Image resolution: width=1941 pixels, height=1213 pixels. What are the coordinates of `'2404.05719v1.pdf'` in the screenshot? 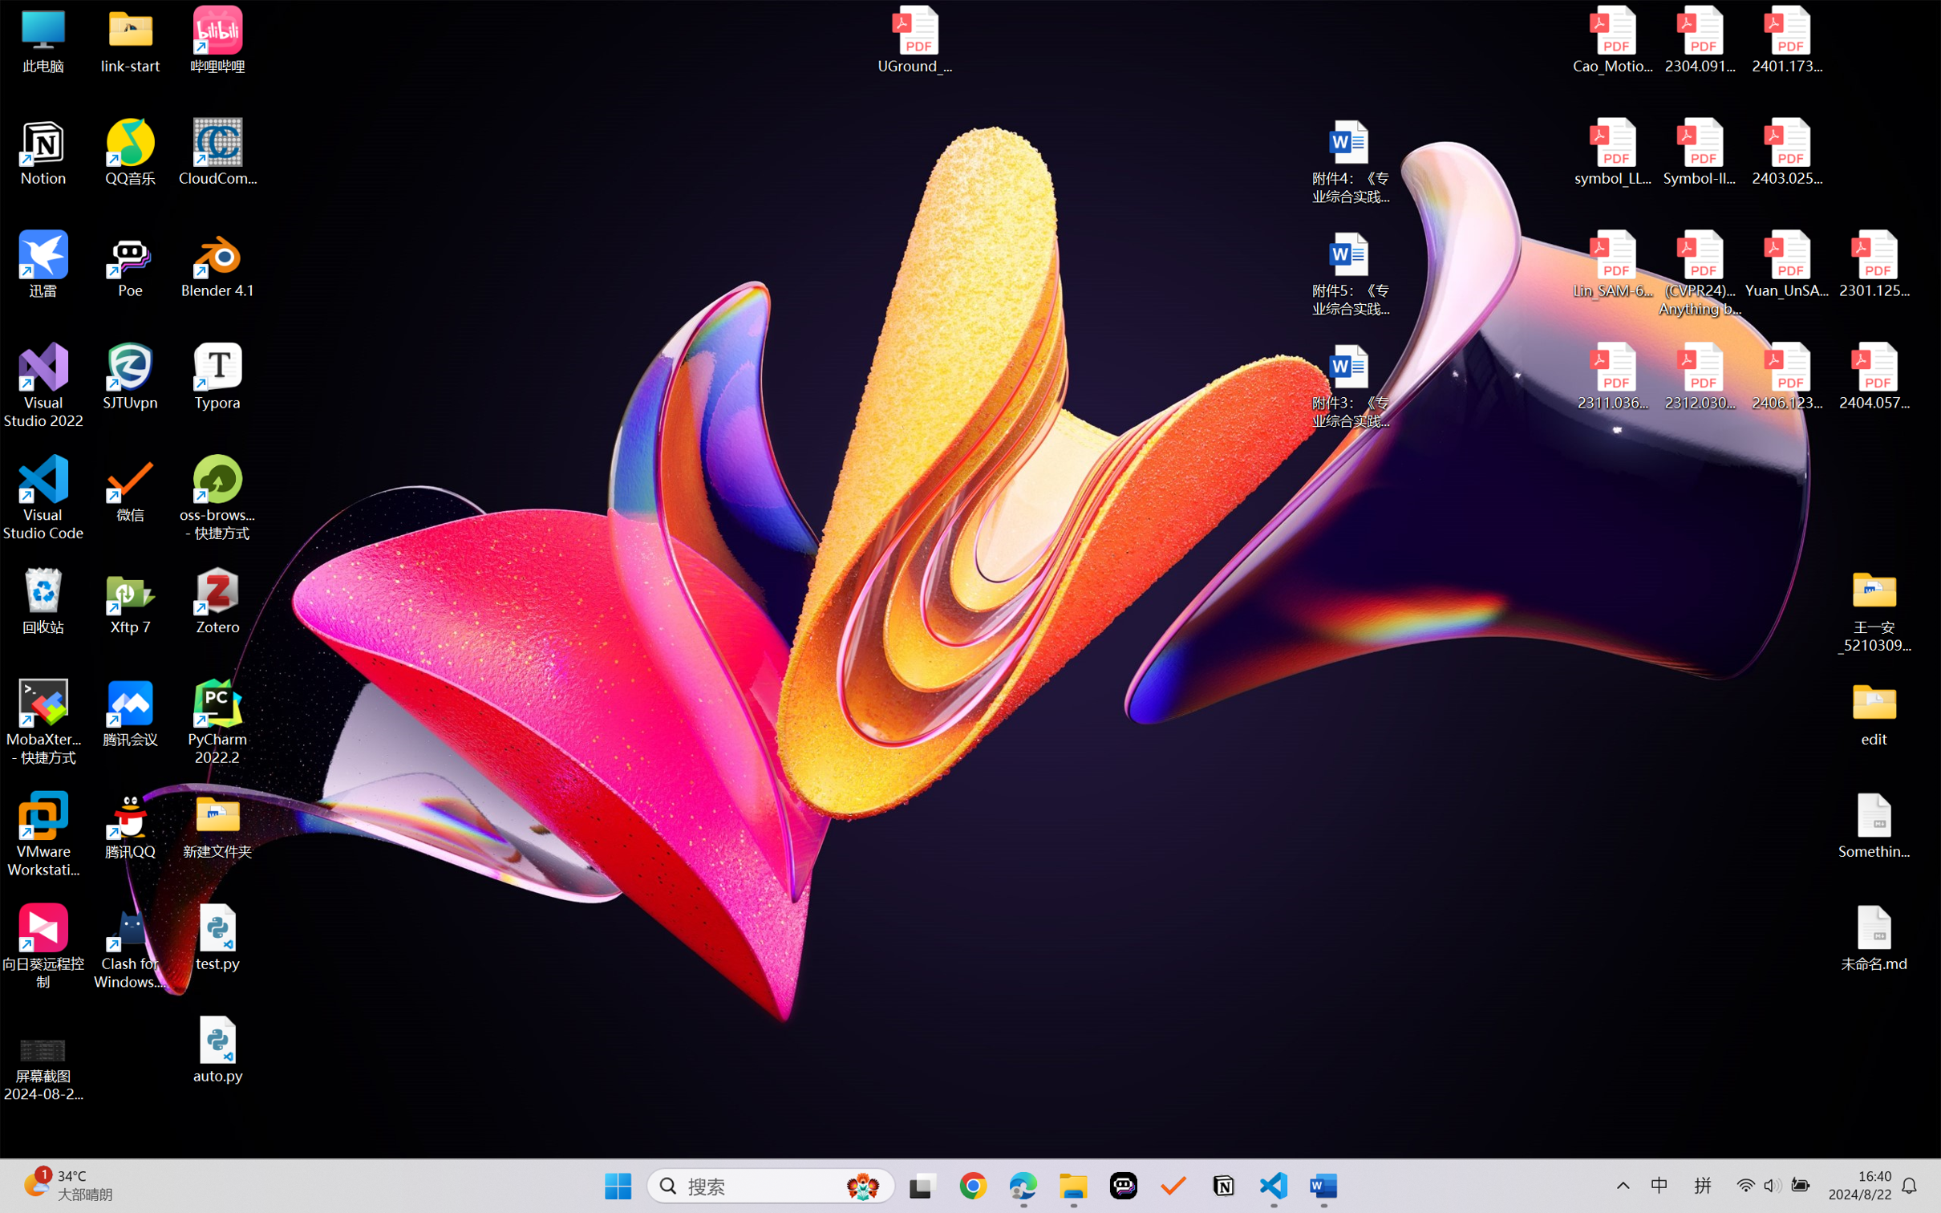 It's located at (1873, 376).